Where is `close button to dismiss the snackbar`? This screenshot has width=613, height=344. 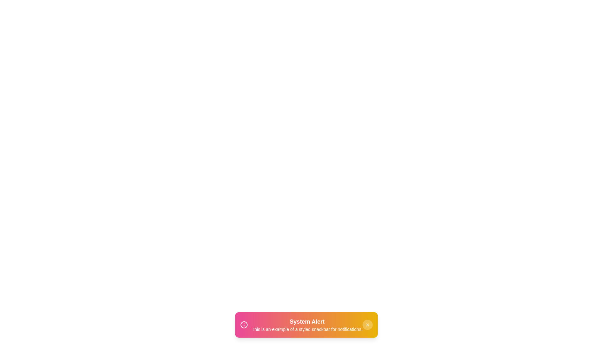
close button to dismiss the snackbar is located at coordinates (367, 325).